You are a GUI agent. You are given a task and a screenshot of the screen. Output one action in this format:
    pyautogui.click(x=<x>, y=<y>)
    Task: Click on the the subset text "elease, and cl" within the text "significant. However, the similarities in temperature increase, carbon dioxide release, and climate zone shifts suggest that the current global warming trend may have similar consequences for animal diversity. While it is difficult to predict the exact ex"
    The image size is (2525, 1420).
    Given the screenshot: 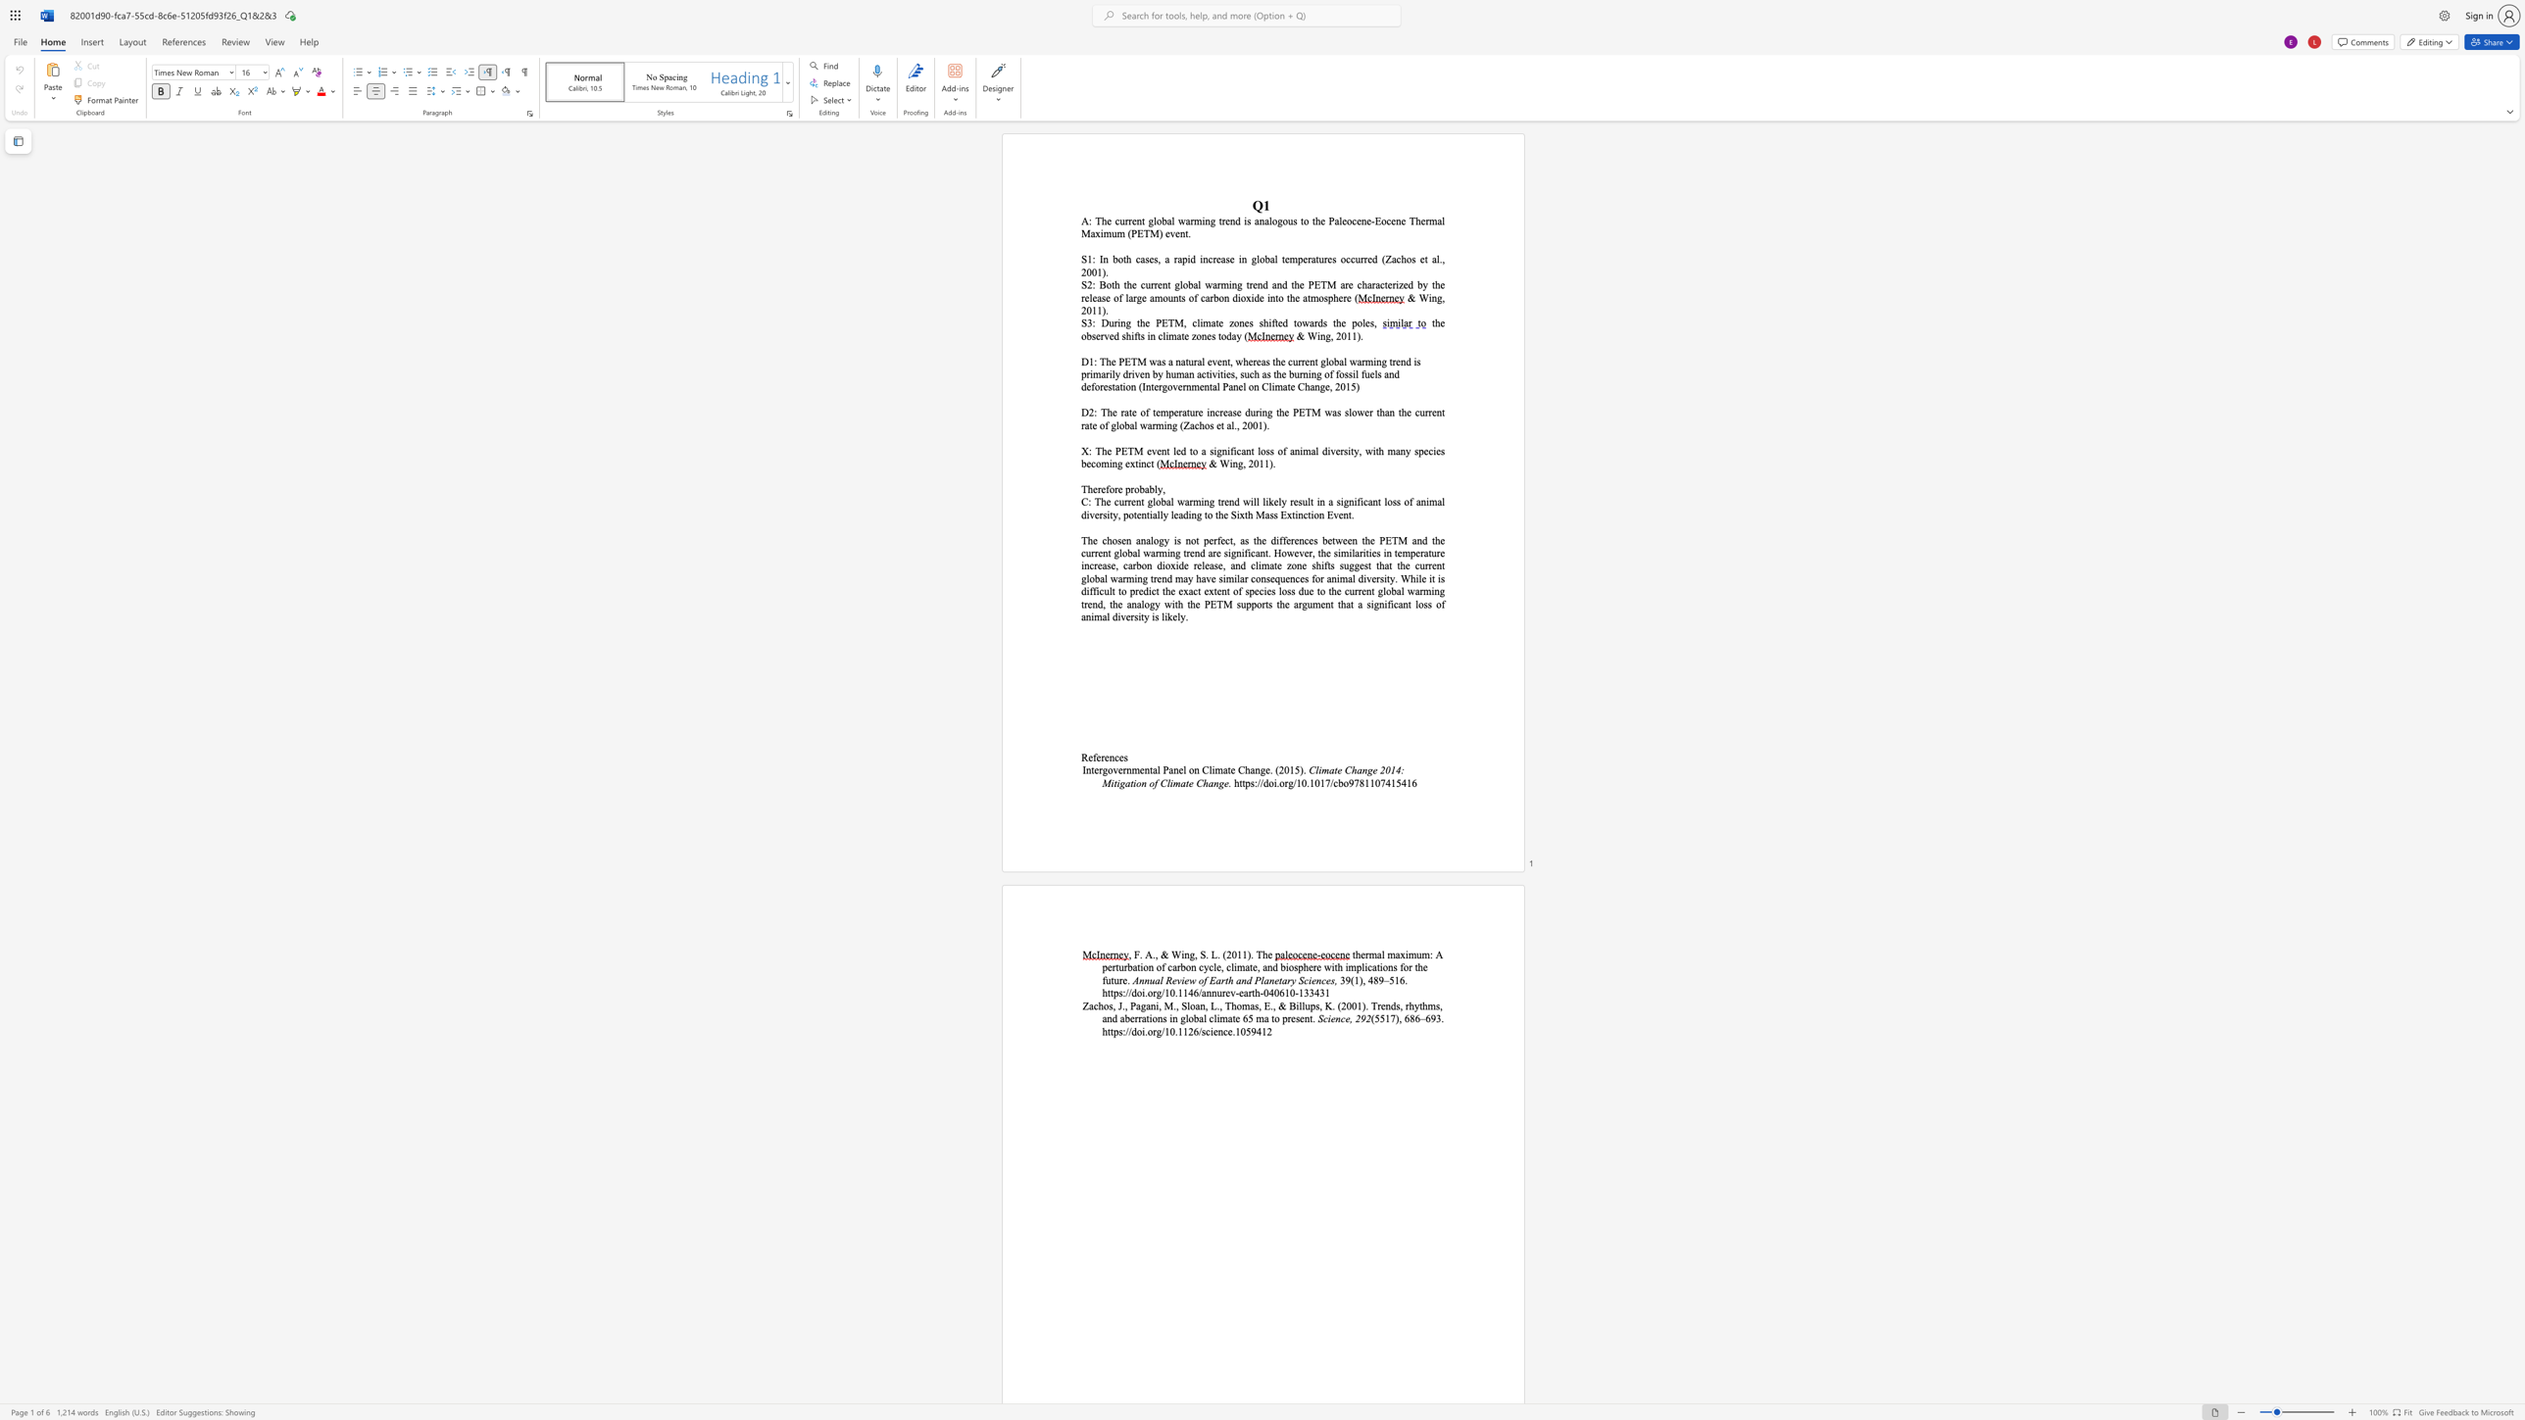 What is the action you would take?
    pyautogui.click(x=1196, y=564)
    